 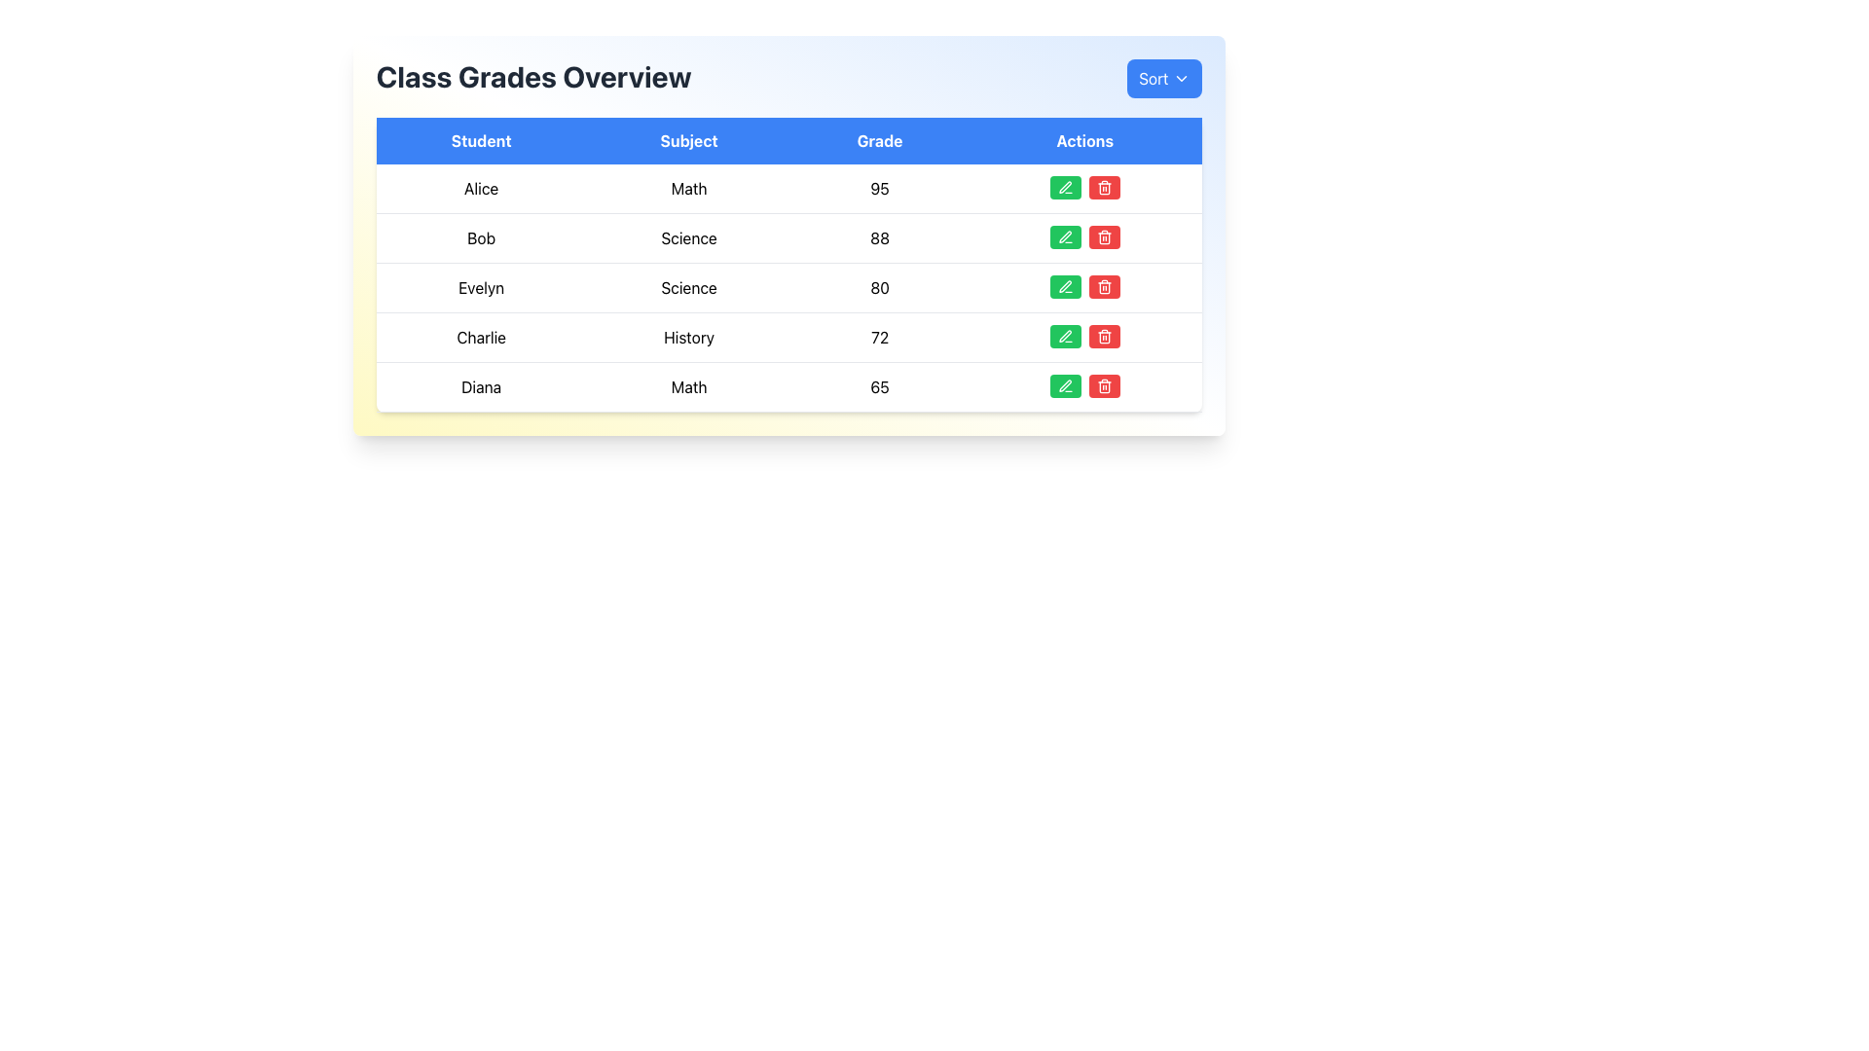 I want to click on the pencil icon in the 'Actions' column of the table, so click(x=1064, y=336).